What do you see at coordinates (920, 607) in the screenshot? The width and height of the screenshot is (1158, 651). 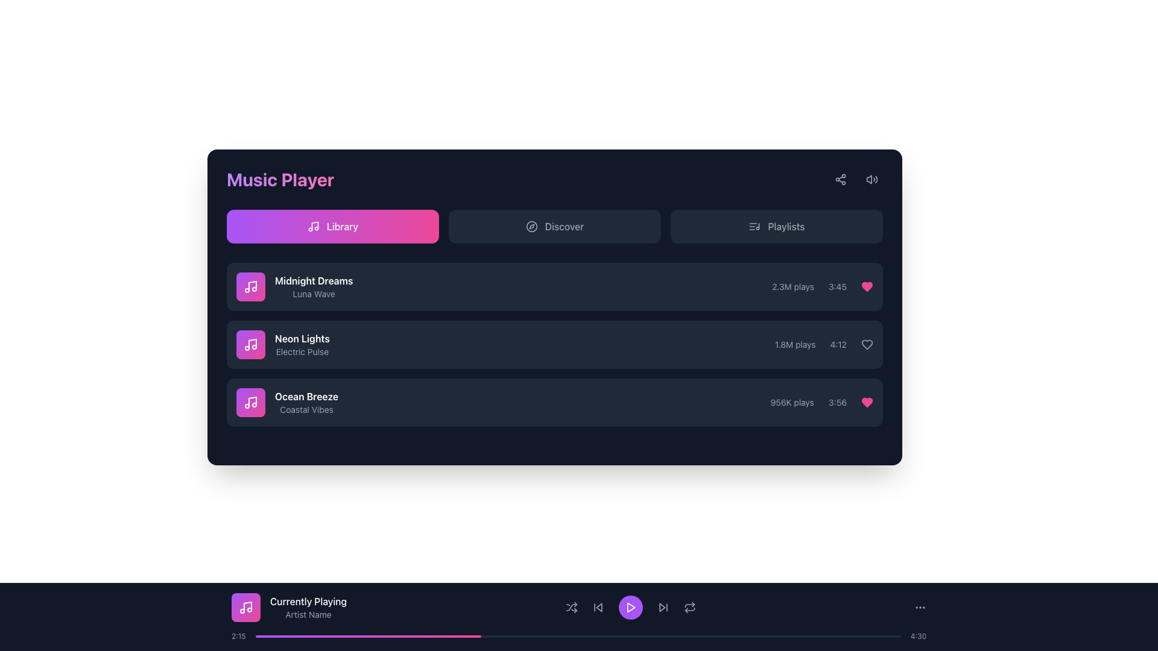 I see `the options menu represented by the three-dots icon button located at the far right of the bottom control bar in the music player interface for keyboard navigation` at bounding box center [920, 607].